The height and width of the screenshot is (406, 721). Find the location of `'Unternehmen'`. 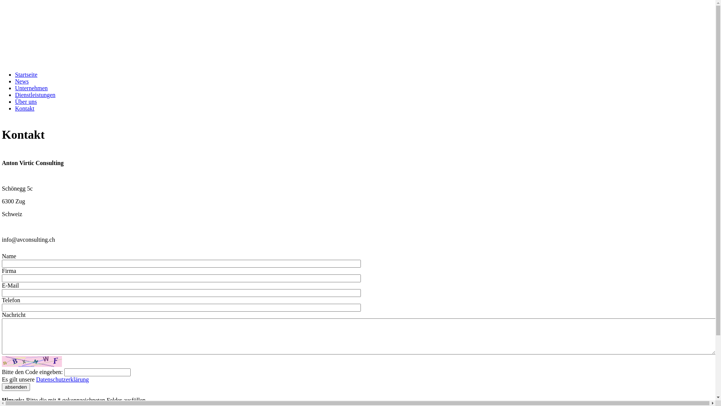

'Unternehmen' is located at coordinates (31, 88).